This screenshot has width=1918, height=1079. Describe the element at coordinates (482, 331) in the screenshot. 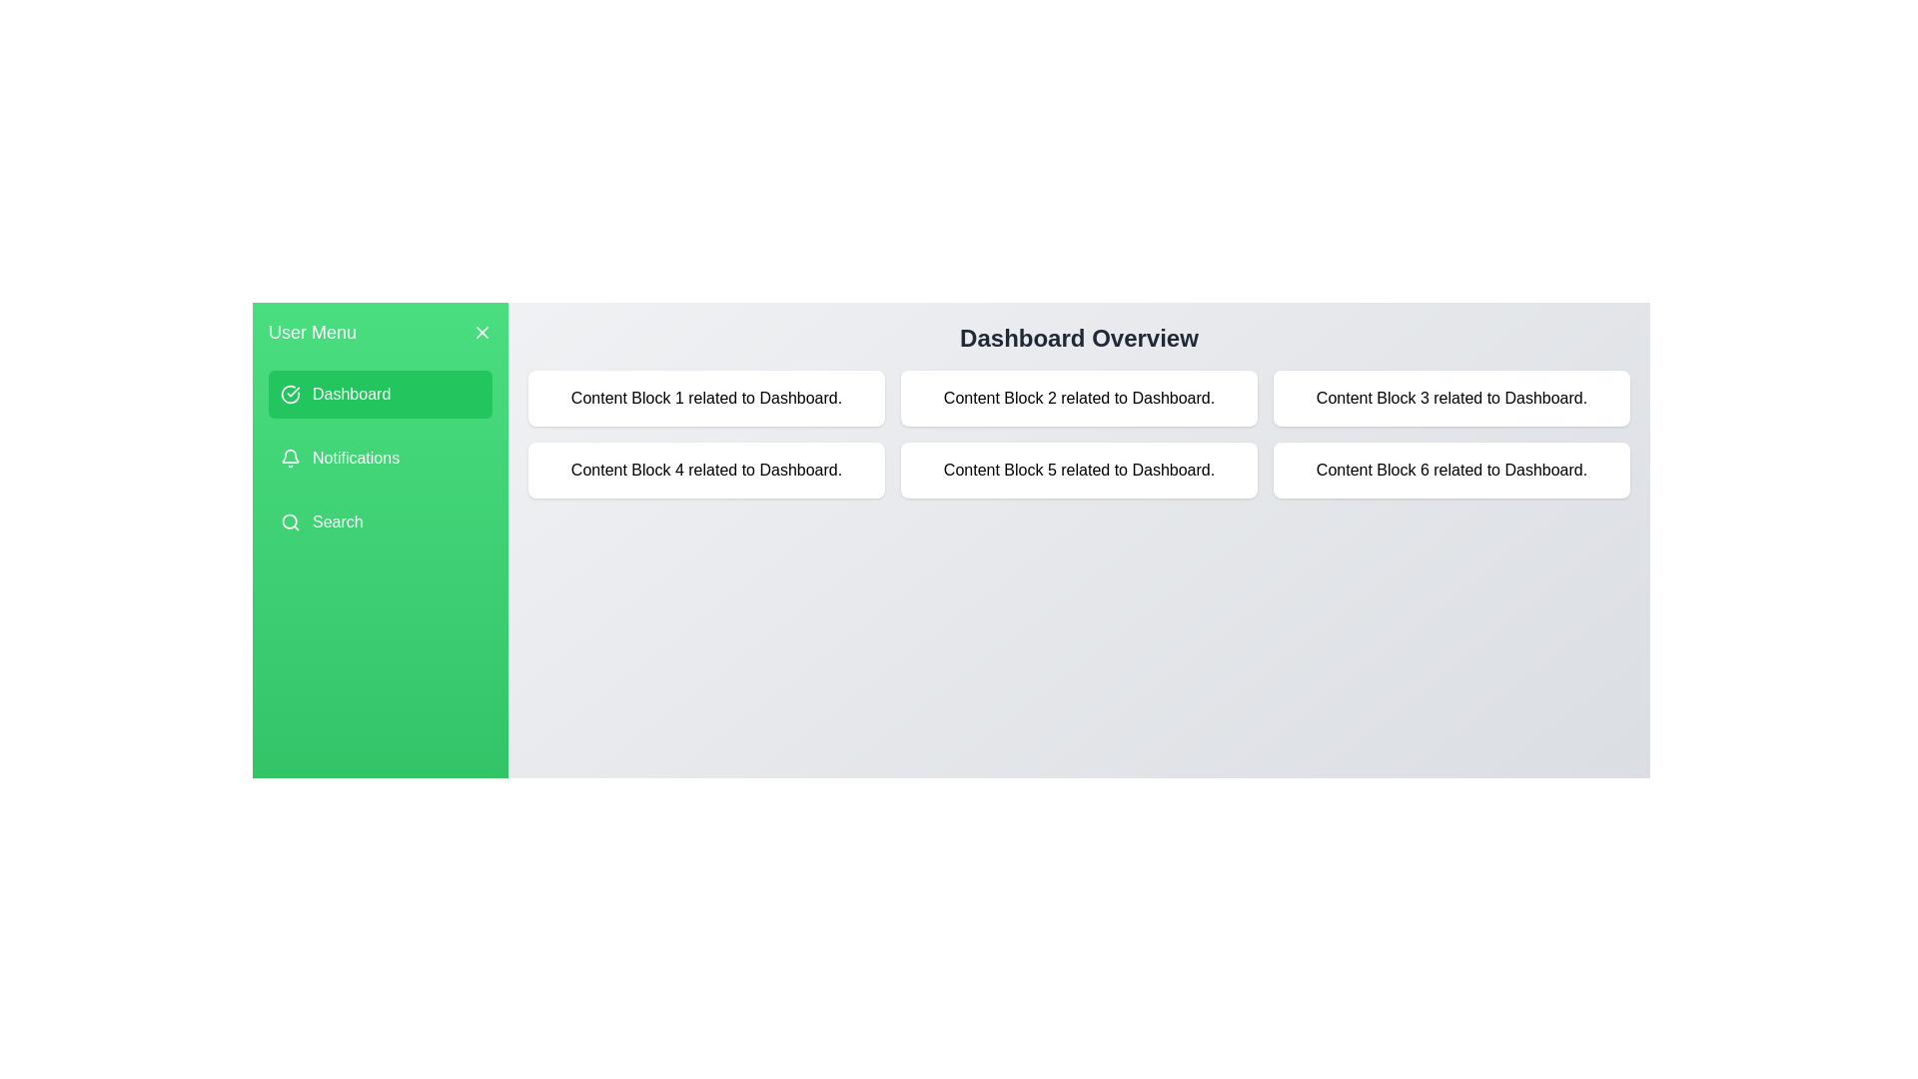

I see `the close button in the menu header to toggle the visibility of the menu` at that location.